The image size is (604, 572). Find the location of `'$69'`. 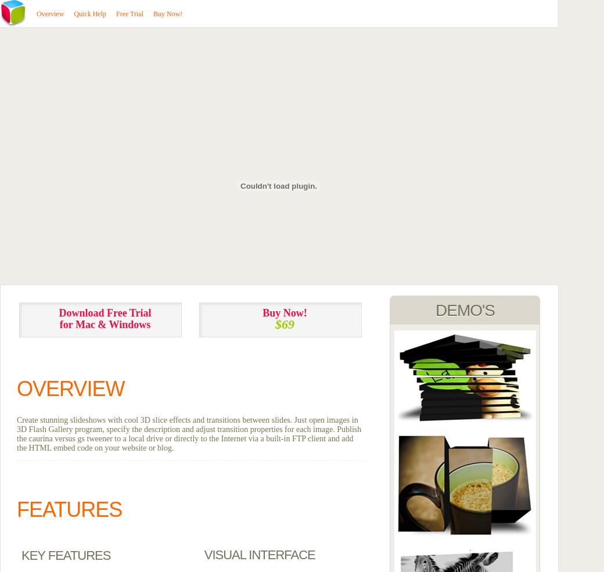

'$69' is located at coordinates (285, 324).